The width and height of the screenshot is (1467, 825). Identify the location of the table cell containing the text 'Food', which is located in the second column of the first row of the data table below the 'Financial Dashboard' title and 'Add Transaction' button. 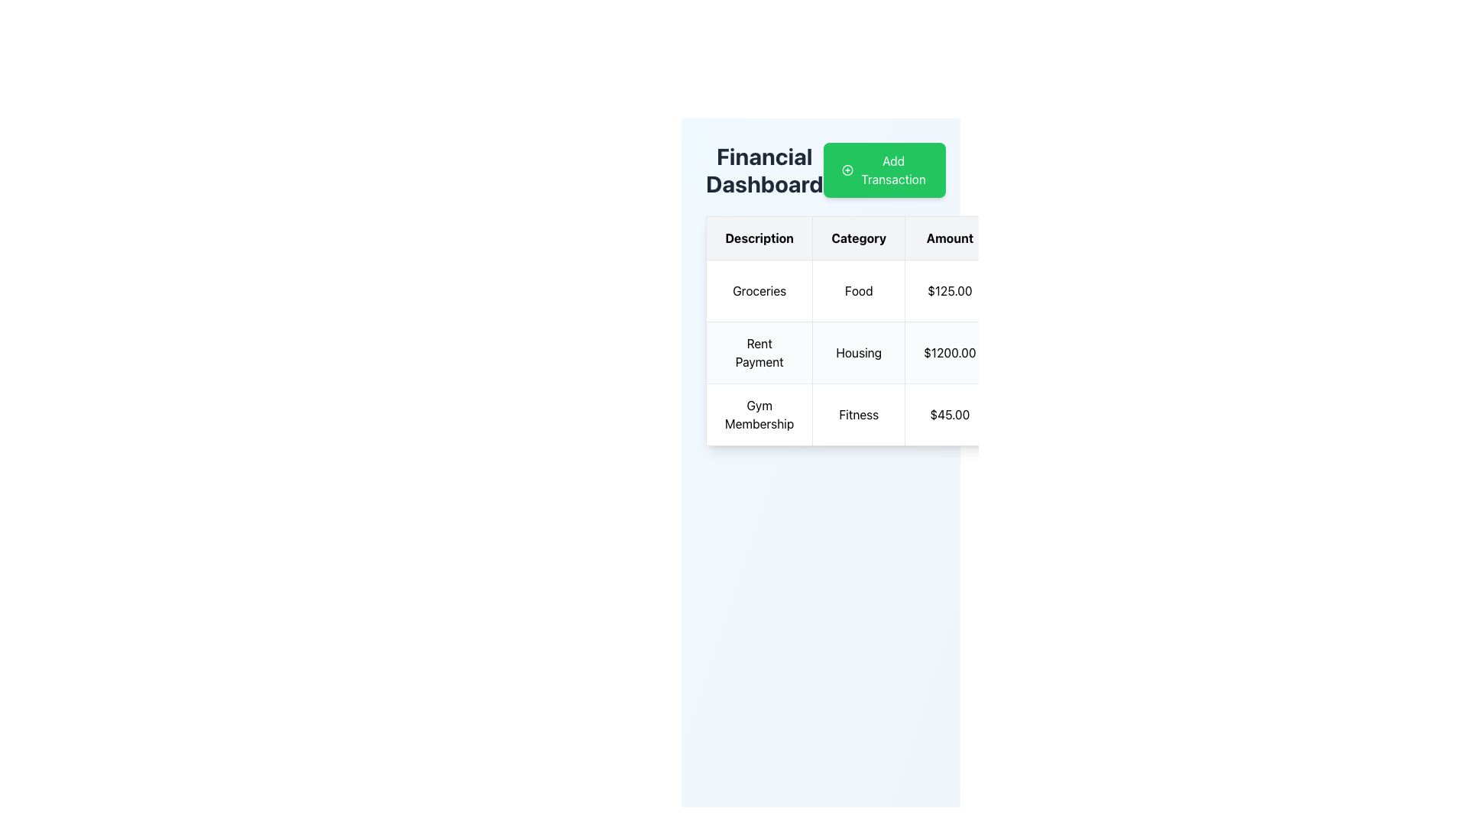
(859, 291).